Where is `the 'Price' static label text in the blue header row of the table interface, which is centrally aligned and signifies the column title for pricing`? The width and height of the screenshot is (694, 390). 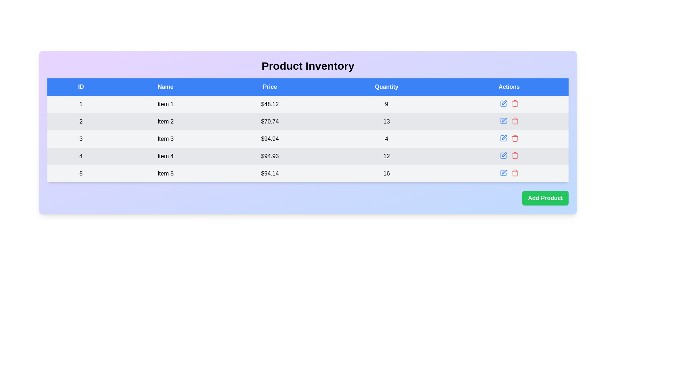 the 'Price' static label text in the blue header row of the table interface, which is centrally aligned and signifies the column title for pricing is located at coordinates (269, 86).